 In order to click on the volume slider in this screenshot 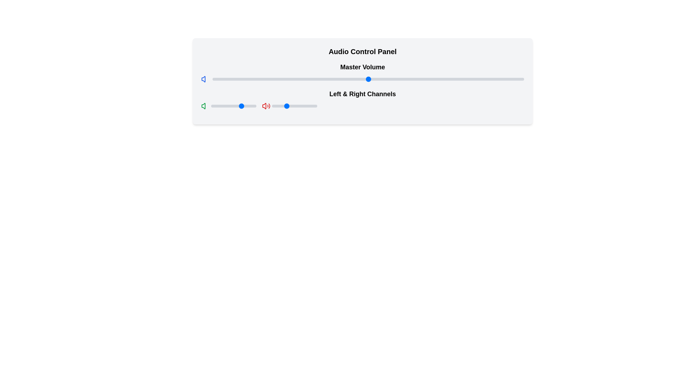, I will do `click(502, 77)`.